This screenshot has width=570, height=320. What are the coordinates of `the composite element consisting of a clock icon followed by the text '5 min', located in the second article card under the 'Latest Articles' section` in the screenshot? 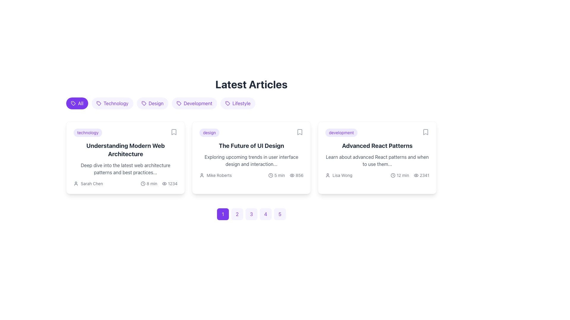 It's located at (276, 175).